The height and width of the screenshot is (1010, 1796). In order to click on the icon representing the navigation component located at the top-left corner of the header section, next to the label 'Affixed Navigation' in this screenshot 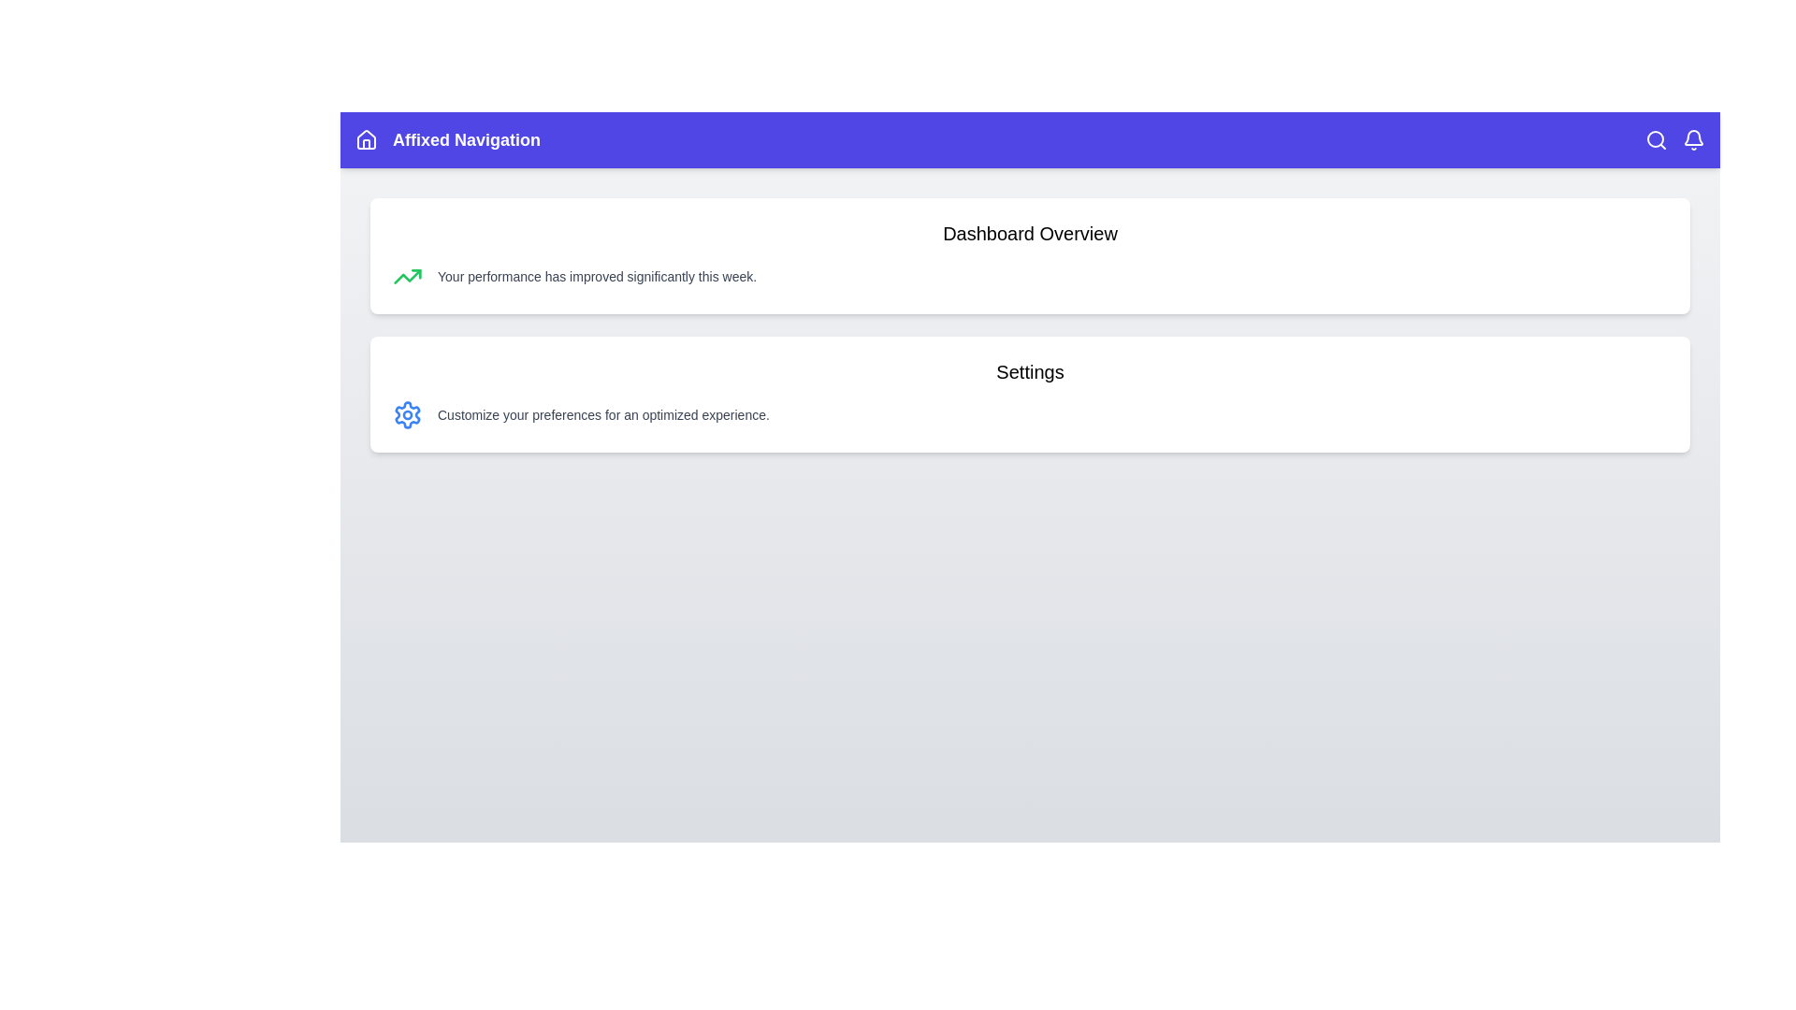, I will do `click(367, 139)`.